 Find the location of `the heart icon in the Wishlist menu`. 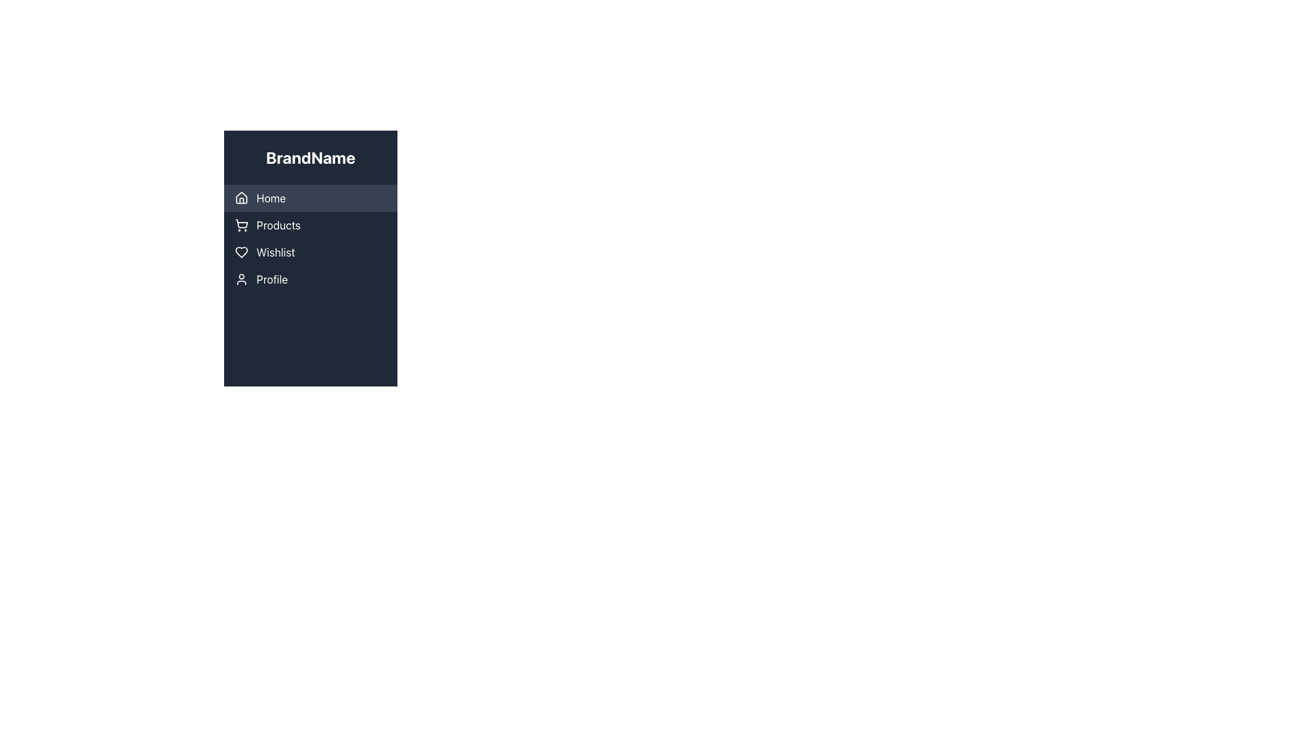

the heart icon in the Wishlist menu is located at coordinates (241, 252).